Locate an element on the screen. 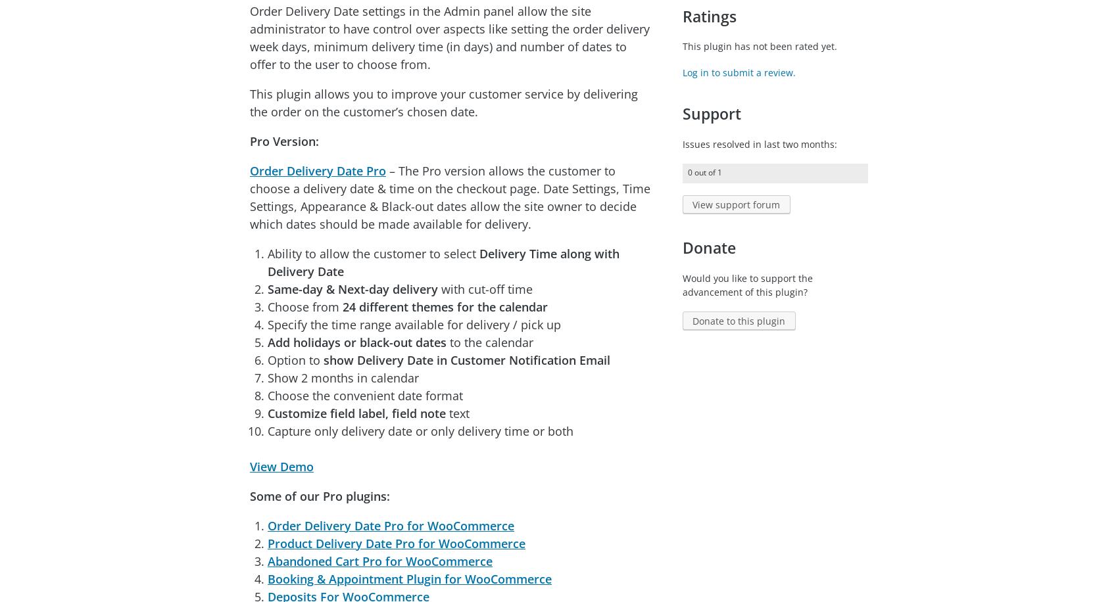 This screenshot has width=1118, height=602. 'This plugin has not been rated yet.' is located at coordinates (760, 45).